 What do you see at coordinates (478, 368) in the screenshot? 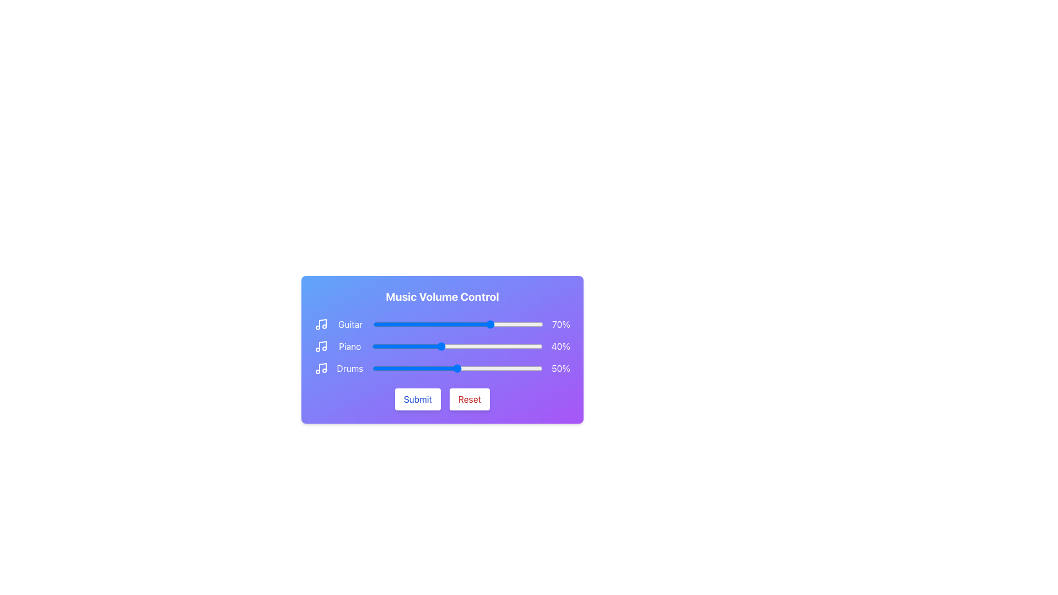
I see `the drum volume` at bounding box center [478, 368].